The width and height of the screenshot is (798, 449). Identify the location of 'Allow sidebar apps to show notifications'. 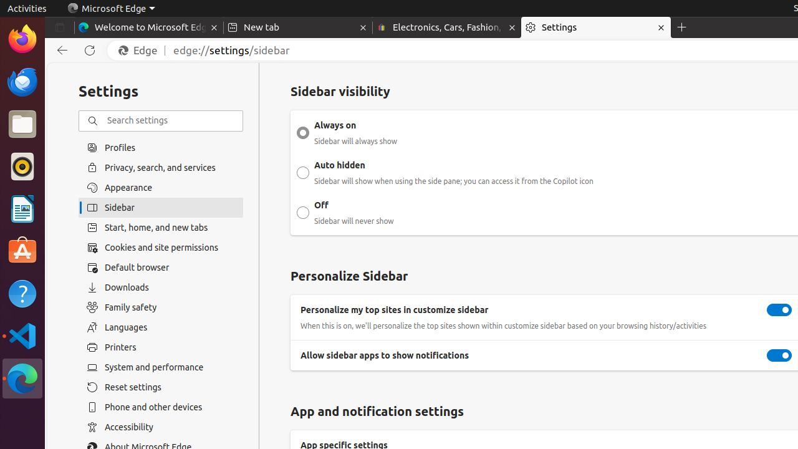
(779, 355).